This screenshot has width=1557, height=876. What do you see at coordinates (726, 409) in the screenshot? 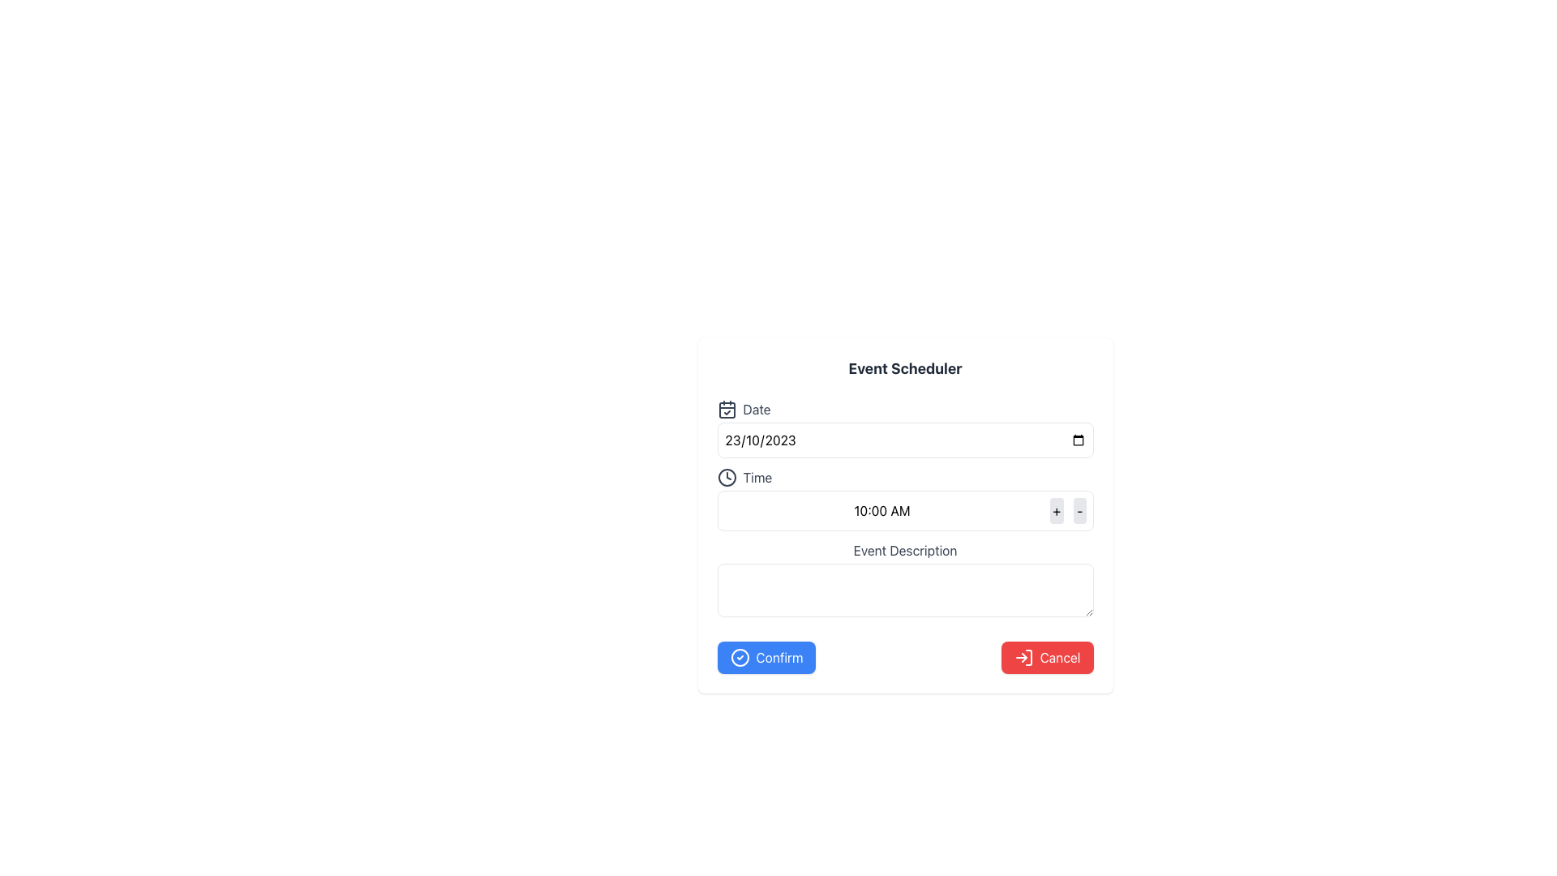
I see `the rounded rectangle part of the calendar-check icon located to the right of the 'Date' label in the 'Event Scheduler' form` at bounding box center [726, 409].